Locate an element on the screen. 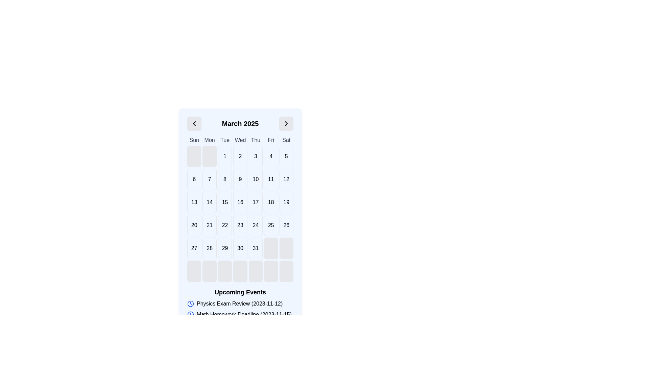  the non-interactive placeholder cell for the date '30' in the calendar, located in the fourth cell of the last row beneath the 'Thu' column is located at coordinates (225, 271).